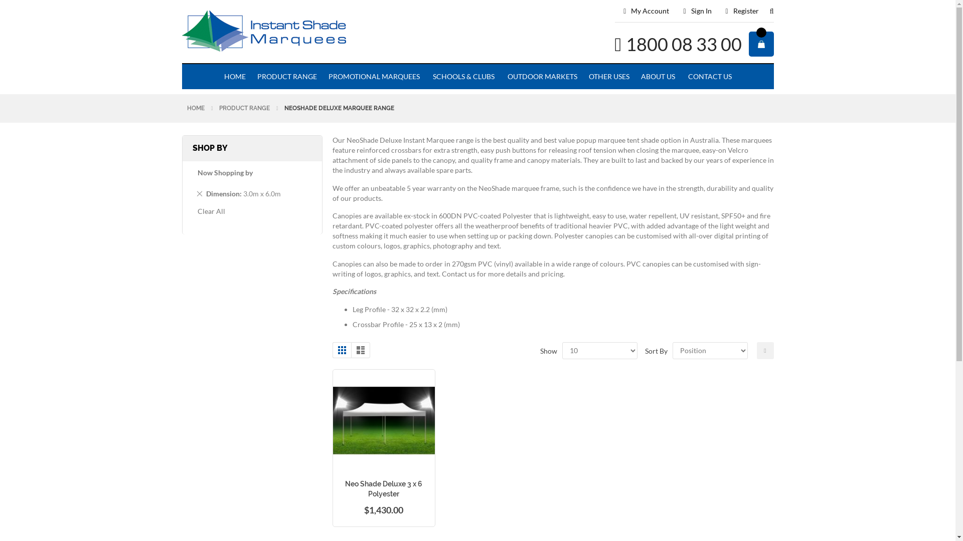 The width and height of the screenshot is (963, 541). Describe the element at coordinates (760, 44) in the screenshot. I see `'My Cart'` at that location.